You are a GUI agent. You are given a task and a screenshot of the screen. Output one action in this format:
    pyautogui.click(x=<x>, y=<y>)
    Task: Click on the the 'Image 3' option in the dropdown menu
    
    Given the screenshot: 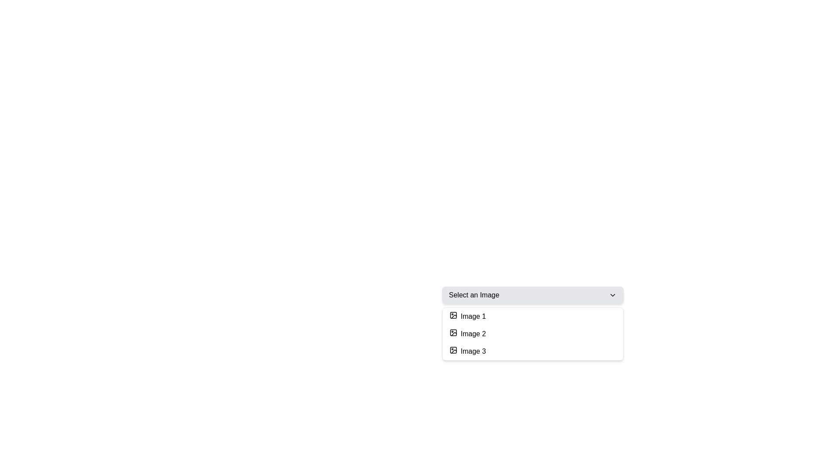 What is the action you would take?
    pyautogui.click(x=532, y=351)
    